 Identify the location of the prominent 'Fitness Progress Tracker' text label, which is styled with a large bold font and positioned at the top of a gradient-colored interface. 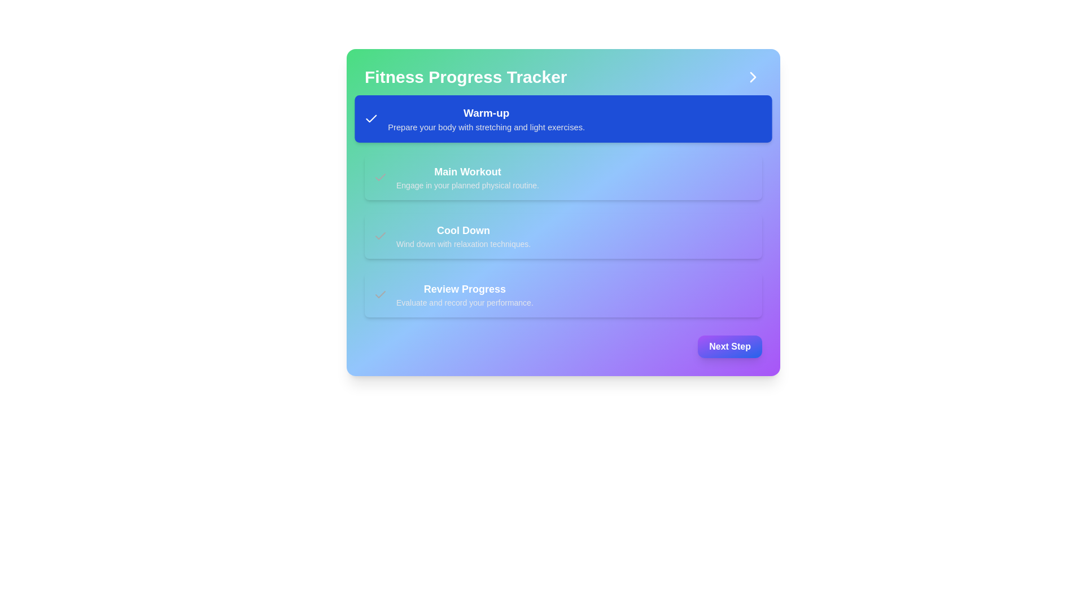
(466, 77).